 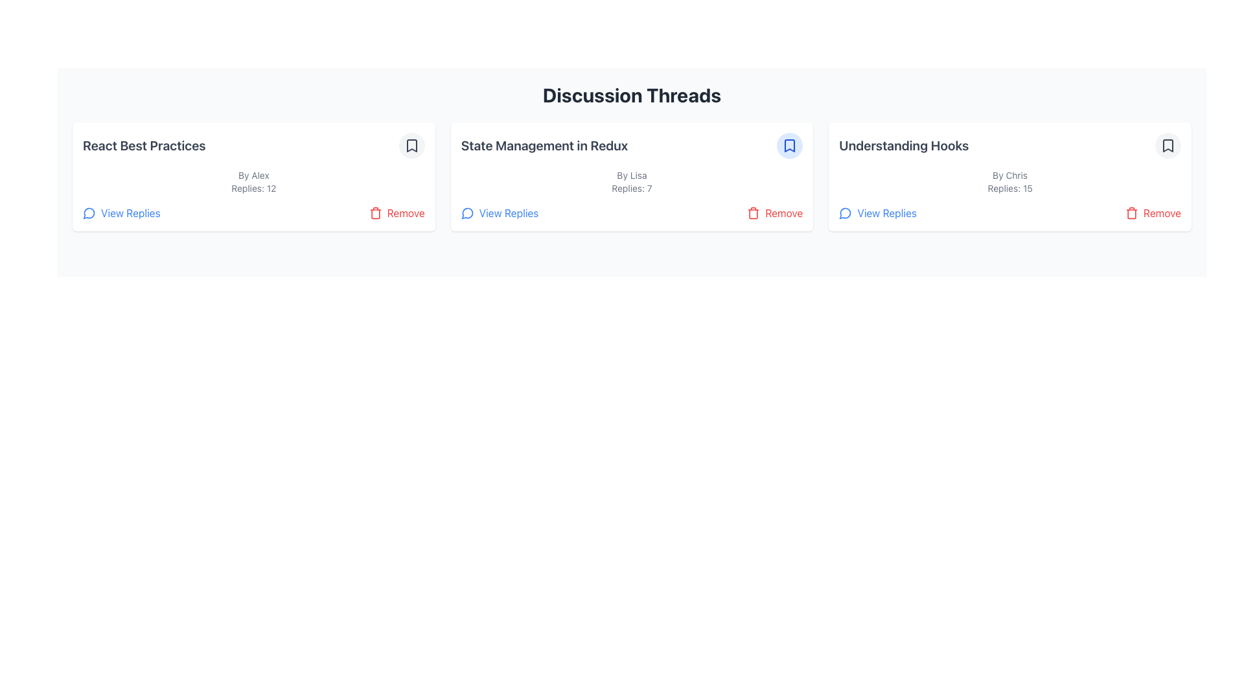 What do you see at coordinates (783, 212) in the screenshot?
I see `the 'Remove' text button, displayed in red, which is located to the right of the trash icon in the control section of a discussion thread card under 'State Management in Redux'` at bounding box center [783, 212].